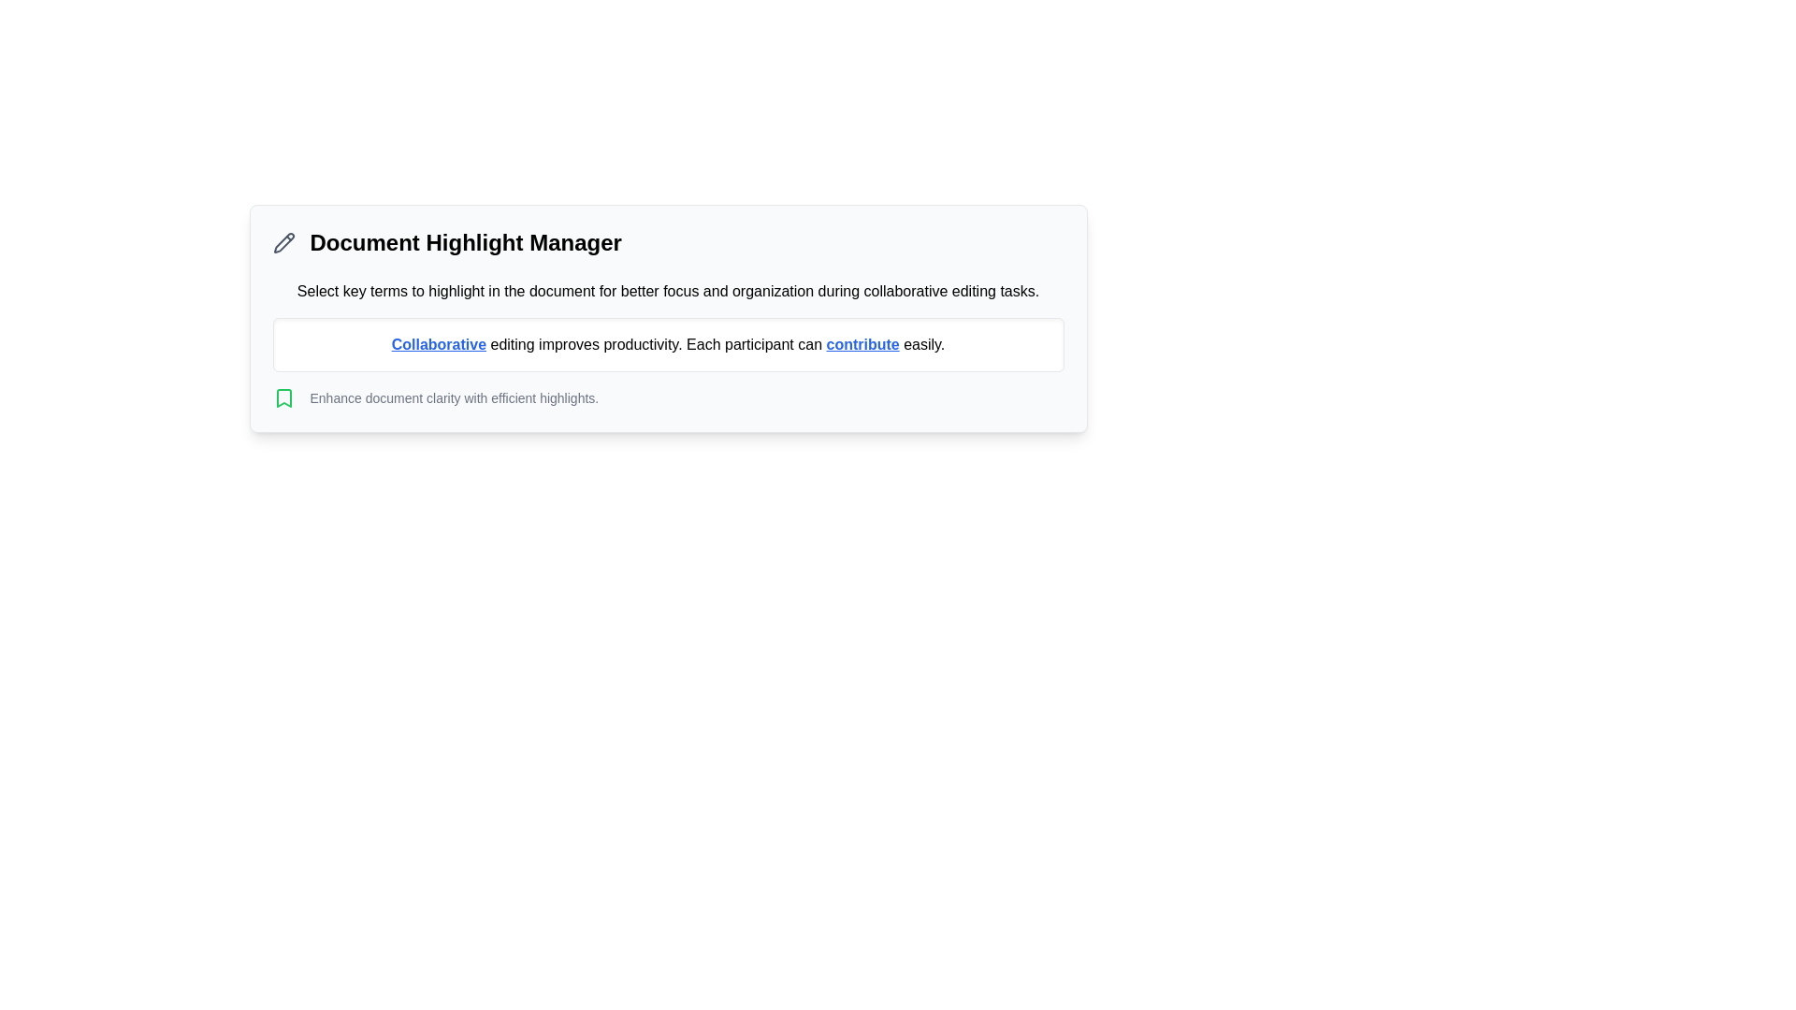 The width and height of the screenshot is (1796, 1010). What do you see at coordinates (454, 397) in the screenshot?
I see `the textual element displaying the phrase 'Enhance document clarity with efficient highlights.' which is styled in small, gray-colored text and is located below the 'Document Highlight Manager' heading` at bounding box center [454, 397].